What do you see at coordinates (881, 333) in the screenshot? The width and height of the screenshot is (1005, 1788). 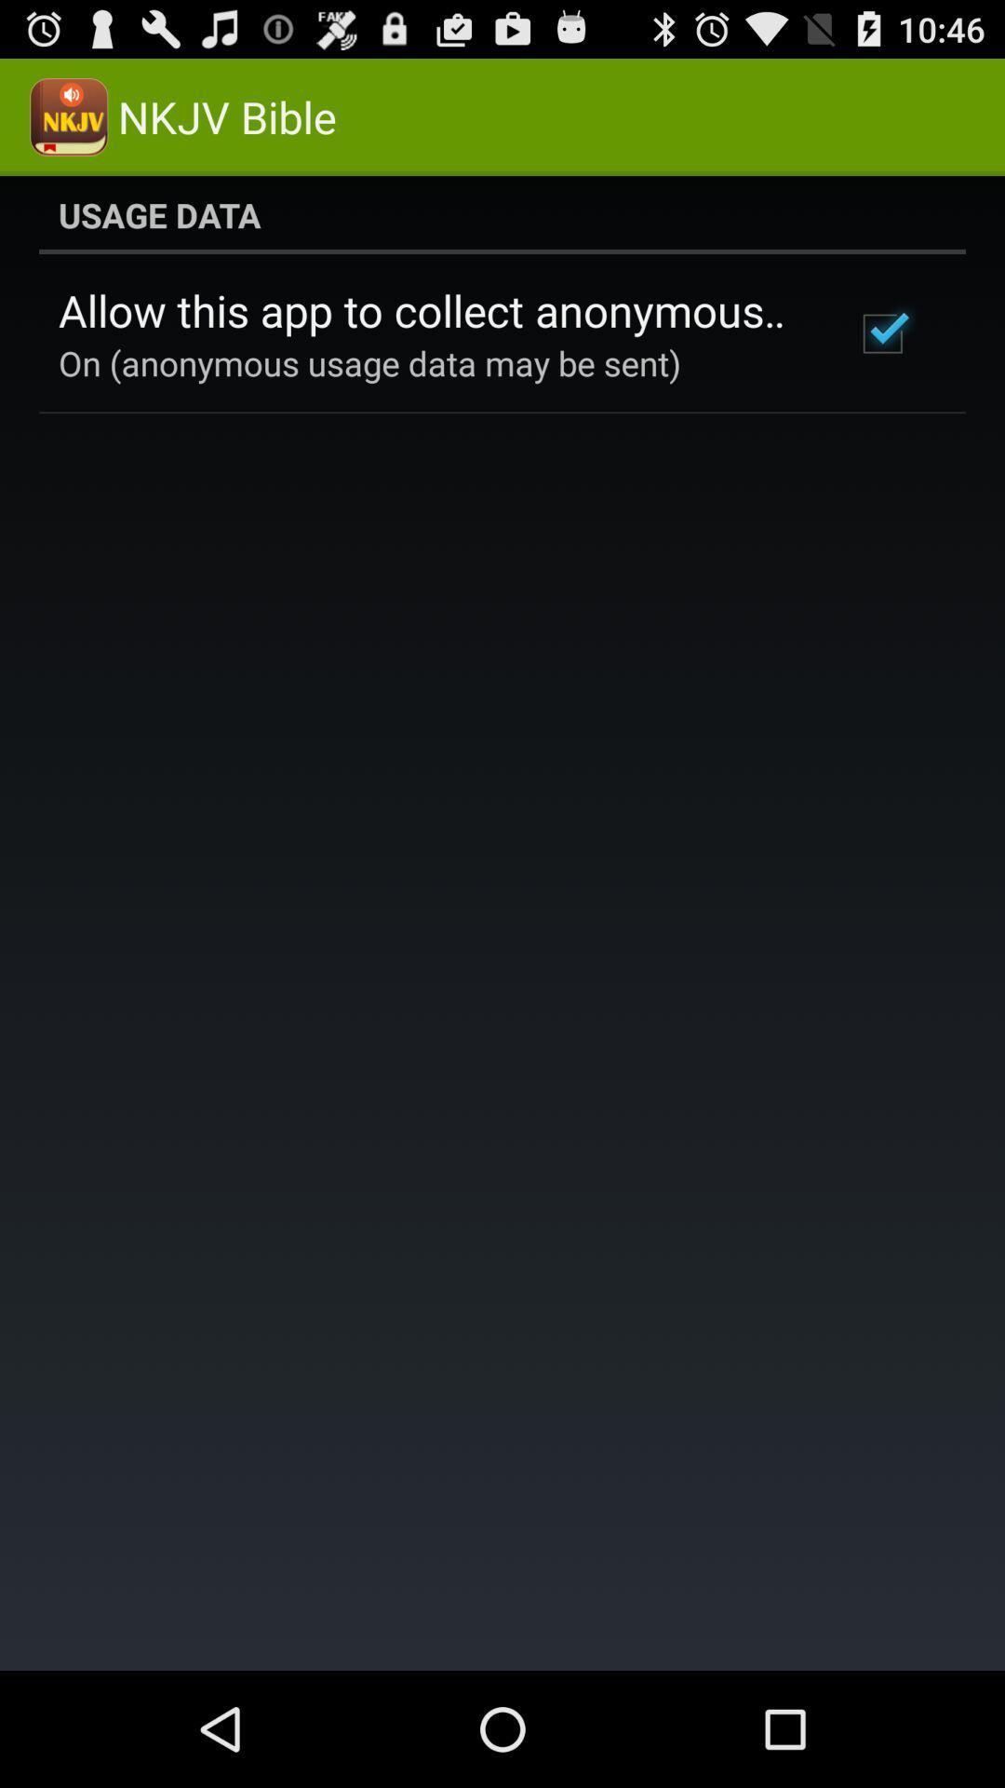 I see `the icon at the top right corner` at bounding box center [881, 333].